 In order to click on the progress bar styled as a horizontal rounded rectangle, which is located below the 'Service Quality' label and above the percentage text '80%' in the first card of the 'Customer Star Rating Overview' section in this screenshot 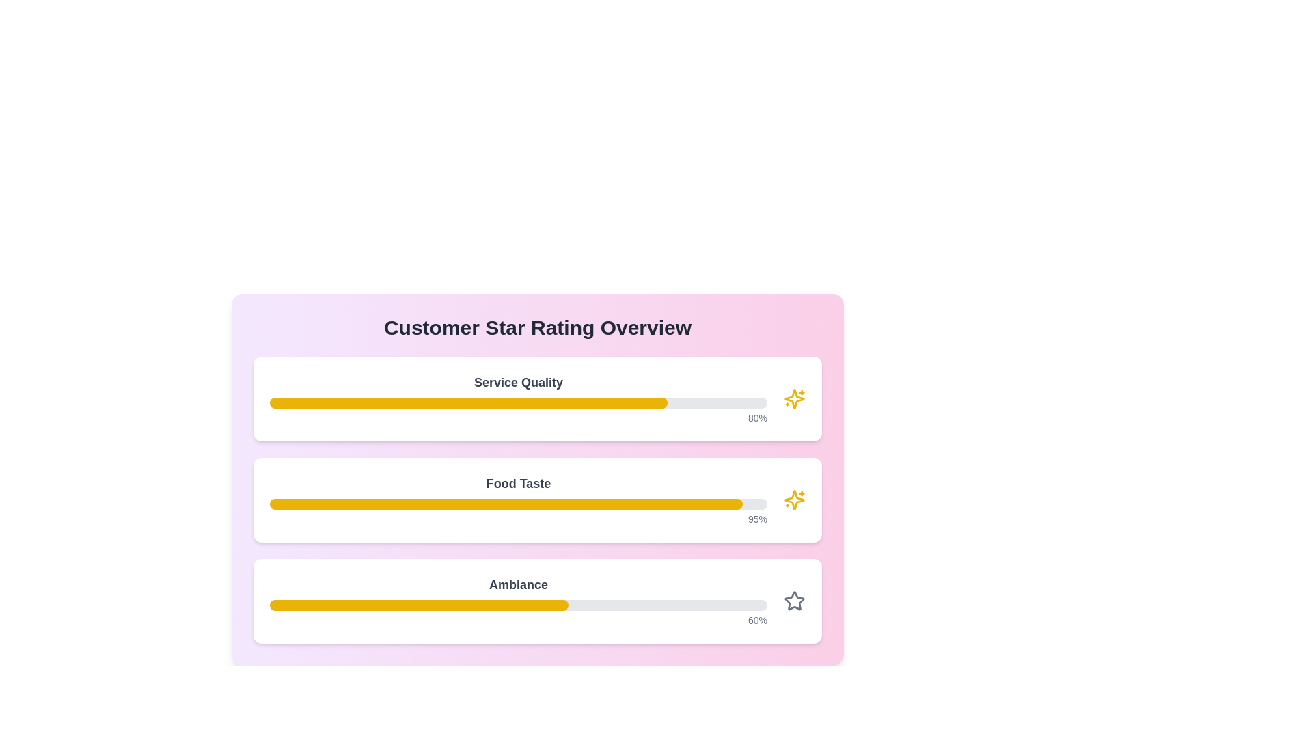, I will do `click(517, 402)`.